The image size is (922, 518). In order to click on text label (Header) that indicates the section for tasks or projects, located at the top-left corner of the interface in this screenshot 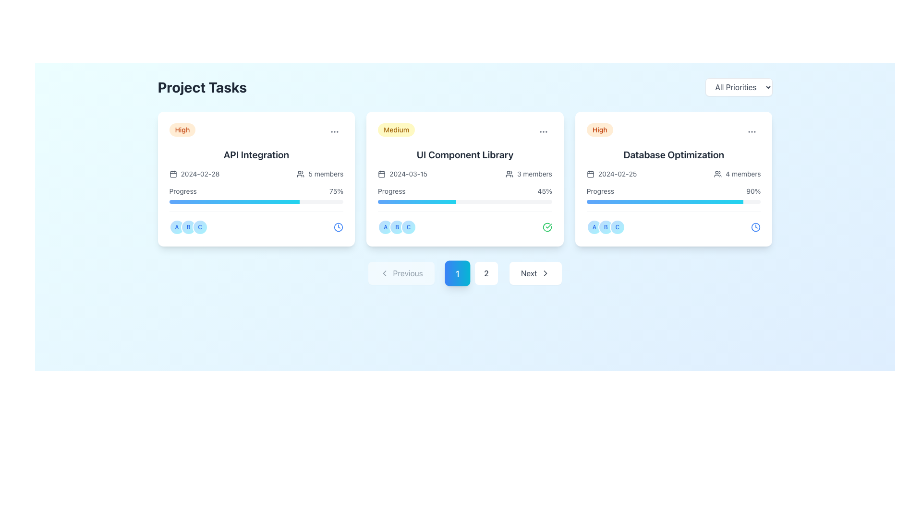, I will do `click(202, 87)`.